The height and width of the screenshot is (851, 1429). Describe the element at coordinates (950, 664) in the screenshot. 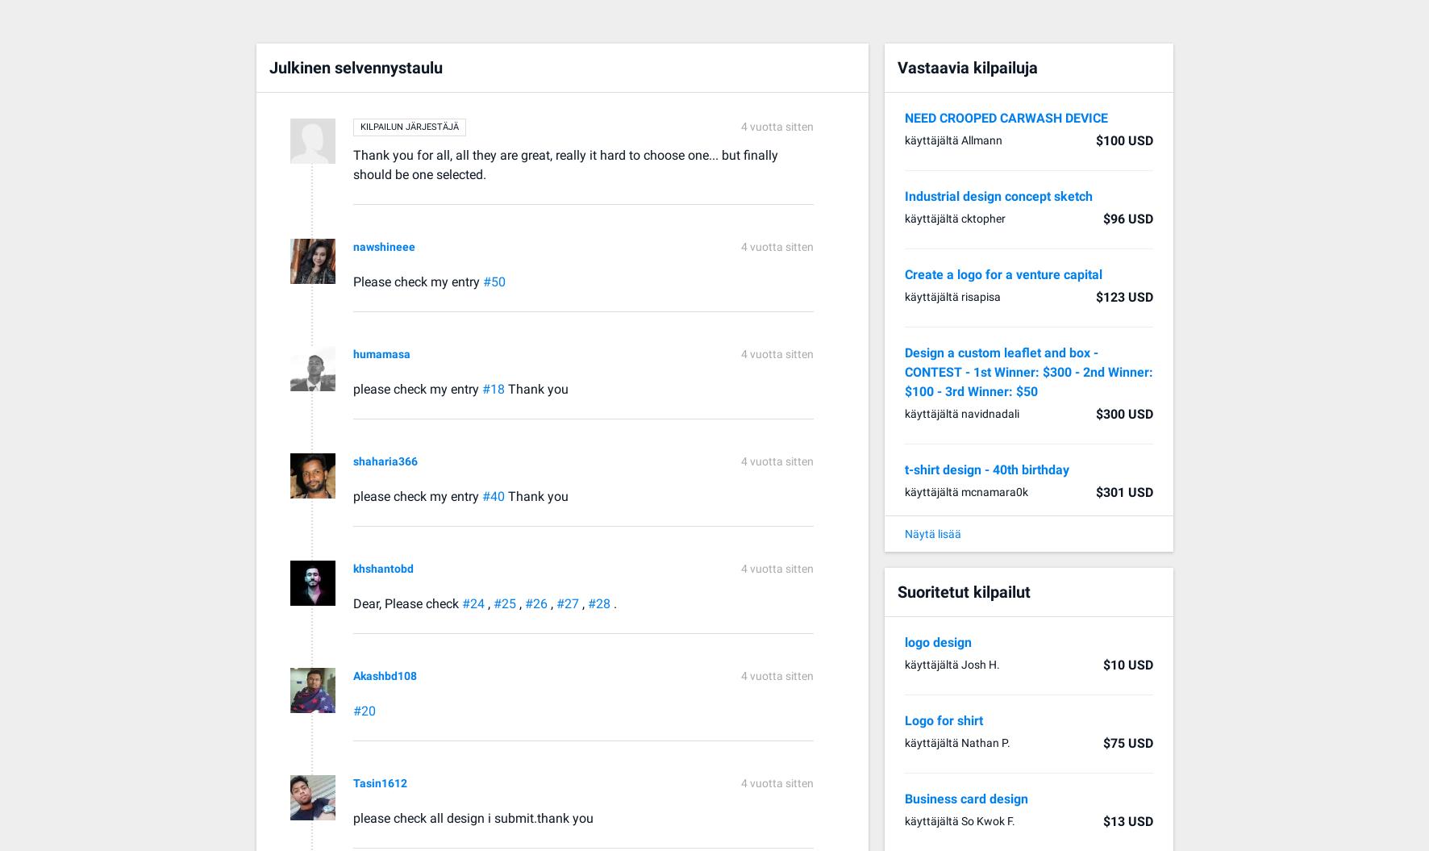

I see `'käyttäjältä Josh H.'` at that location.